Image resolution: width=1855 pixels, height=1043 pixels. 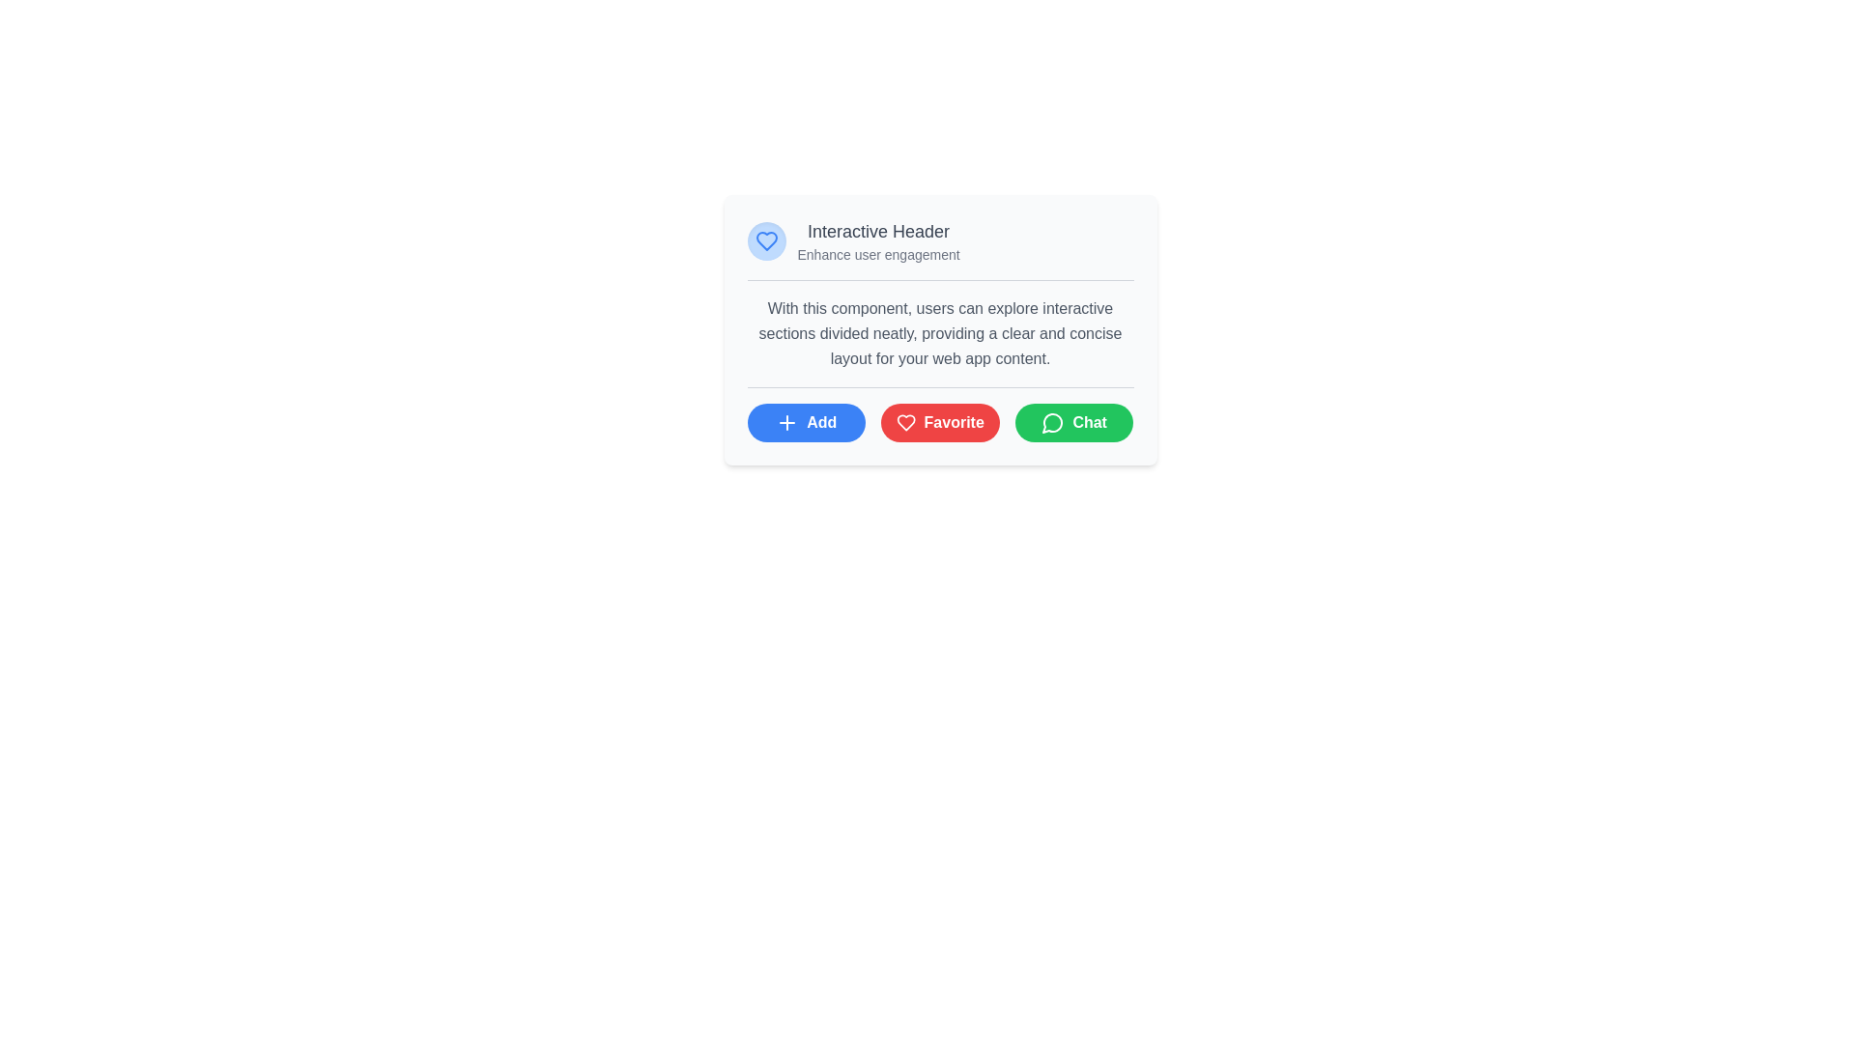 What do you see at coordinates (940, 422) in the screenshot?
I see `the red 'Favorite' button with a heart icon` at bounding box center [940, 422].